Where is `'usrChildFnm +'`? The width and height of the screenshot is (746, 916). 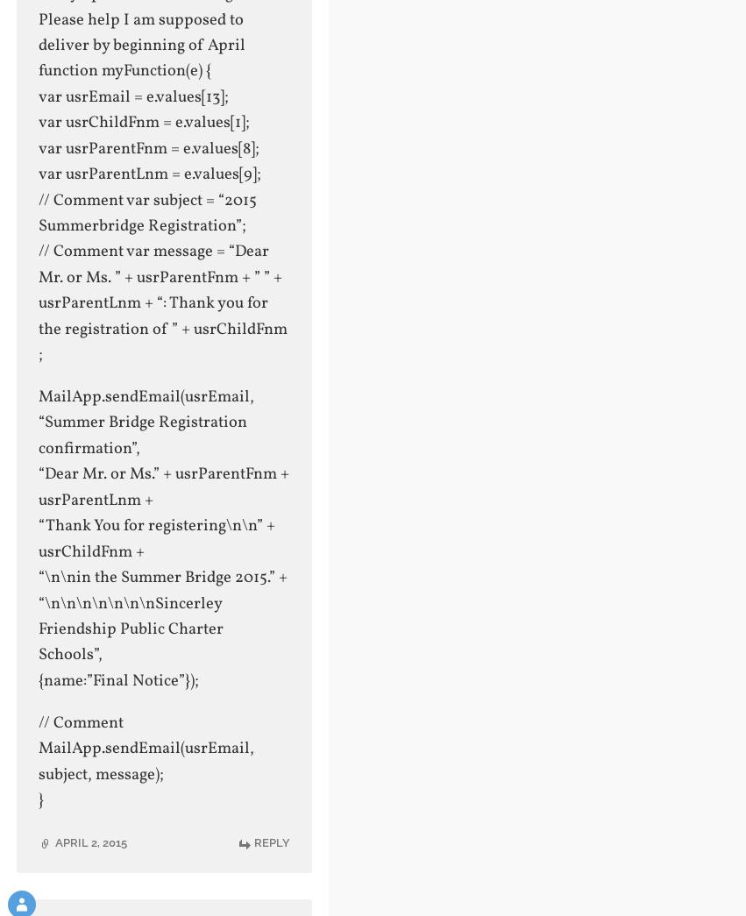 'usrChildFnm +' is located at coordinates (89, 550).